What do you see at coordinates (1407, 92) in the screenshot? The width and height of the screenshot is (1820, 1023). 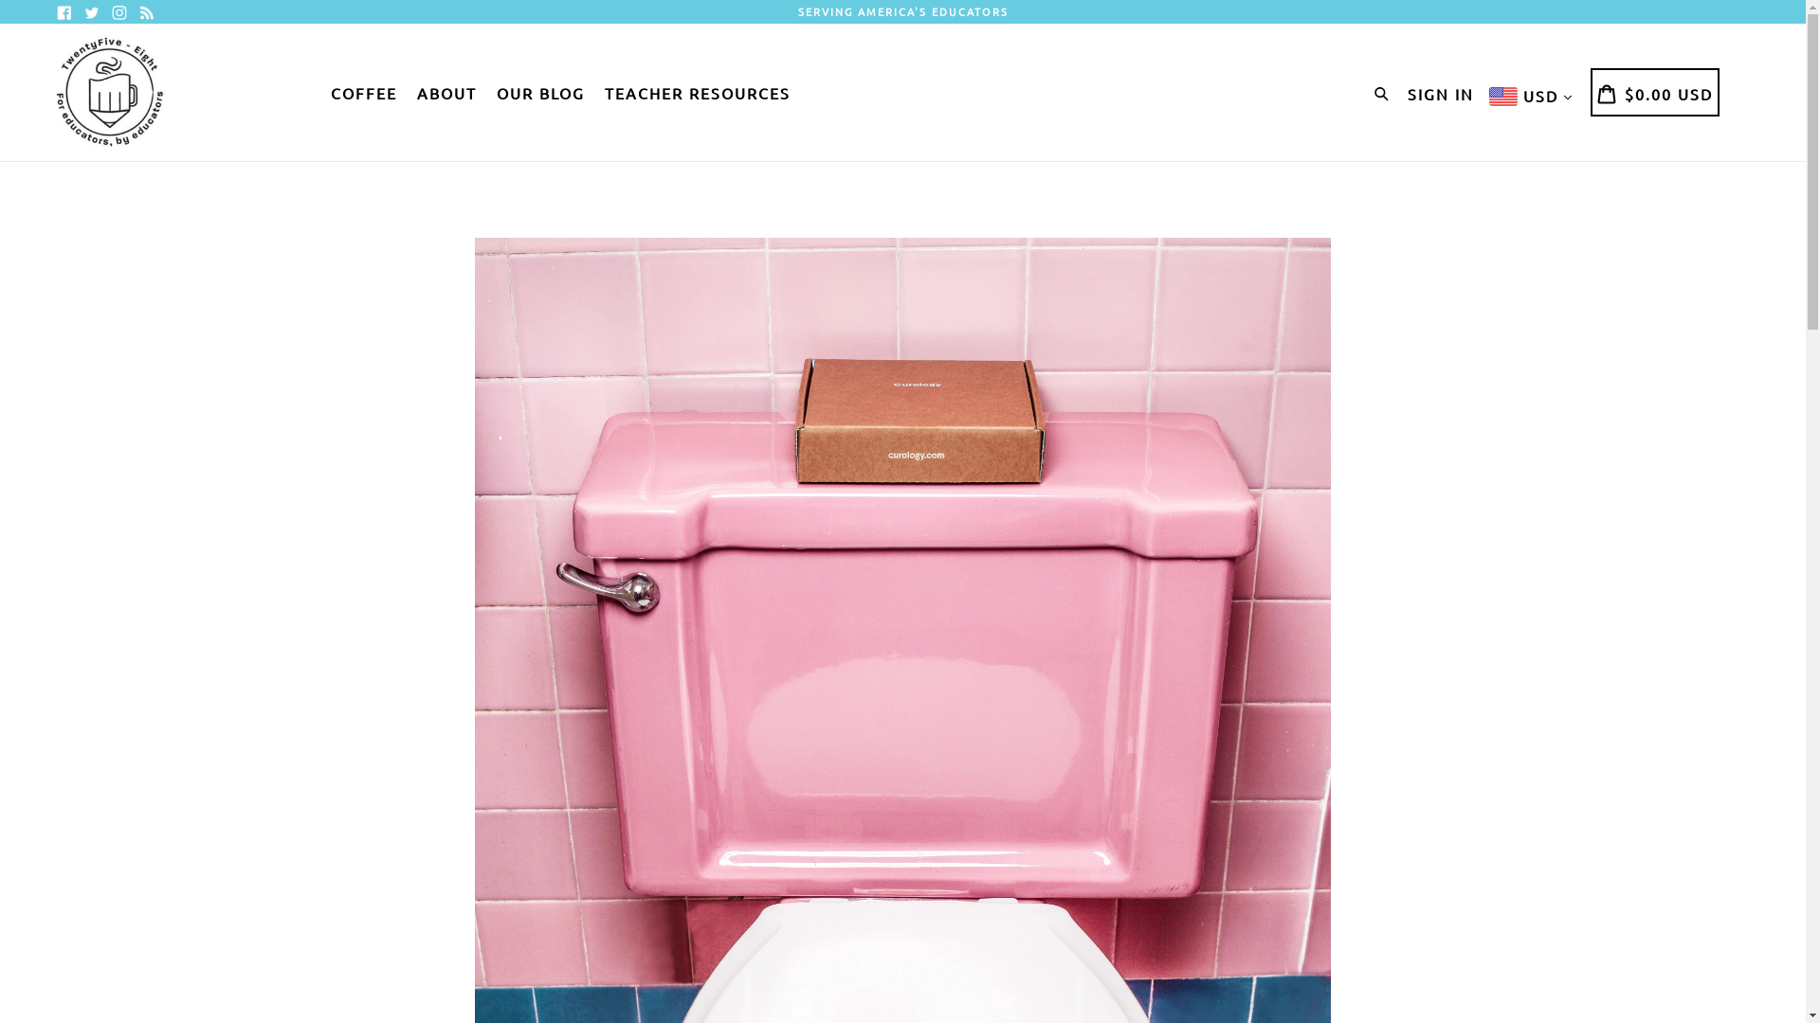 I see `'SIGN IN'` at bounding box center [1407, 92].